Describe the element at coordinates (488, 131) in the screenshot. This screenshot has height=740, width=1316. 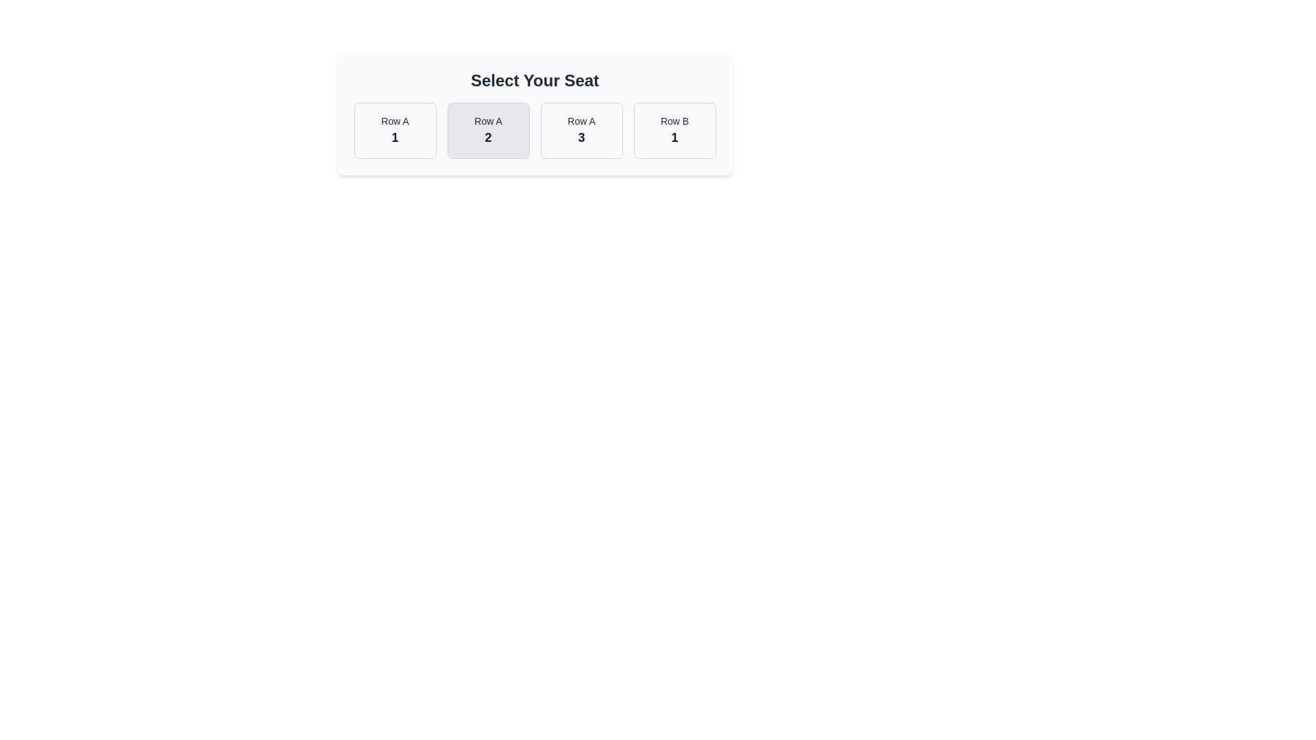
I see `the card UI element displaying 'Row A' and the numeral '2', which is the second item in a grid of four cards` at that location.